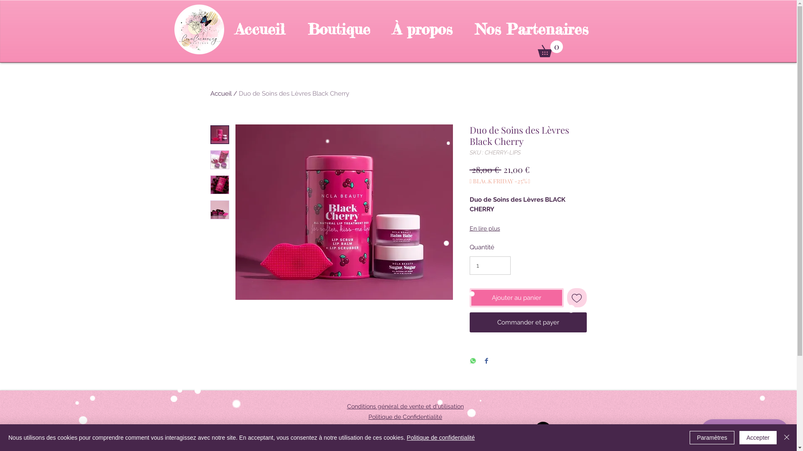  I want to click on 'Boutique', so click(296, 29).